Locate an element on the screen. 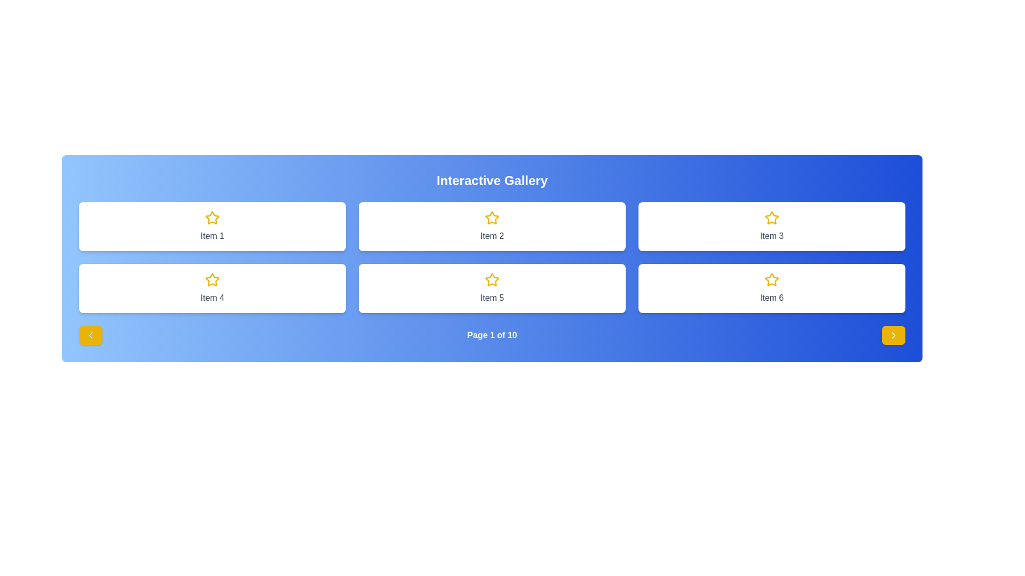 The image size is (1025, 576). the Star icon located in the bottom-right corner of the grid layout within the interactive gallery interface, which serves the purpose of rating or marking as a favorite is located at coordinates (771, 279).